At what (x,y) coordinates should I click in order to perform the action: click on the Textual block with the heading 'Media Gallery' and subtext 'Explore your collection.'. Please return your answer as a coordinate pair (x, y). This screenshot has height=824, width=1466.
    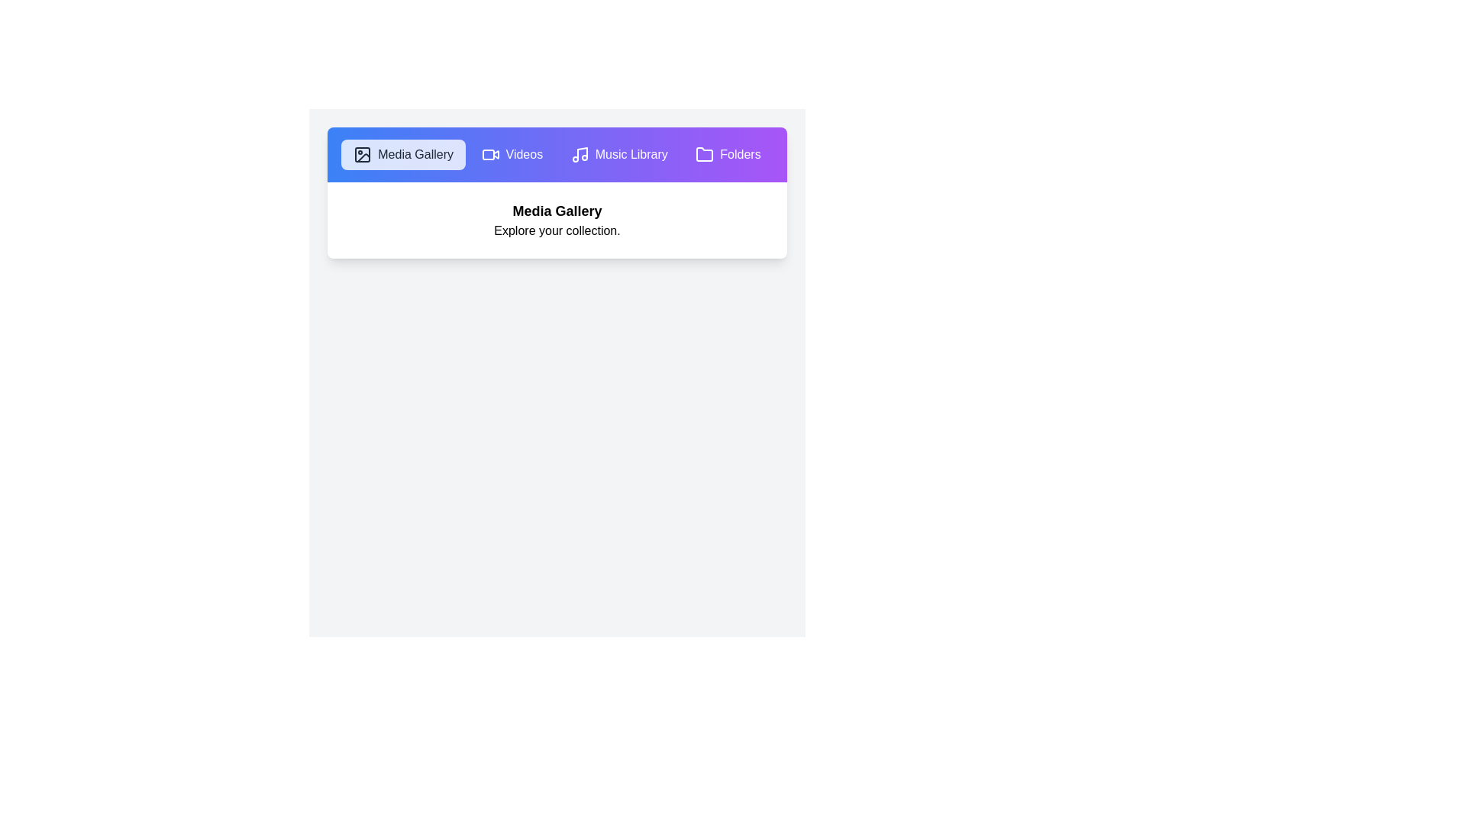
    Looking at the image, I should click on (556, 220).